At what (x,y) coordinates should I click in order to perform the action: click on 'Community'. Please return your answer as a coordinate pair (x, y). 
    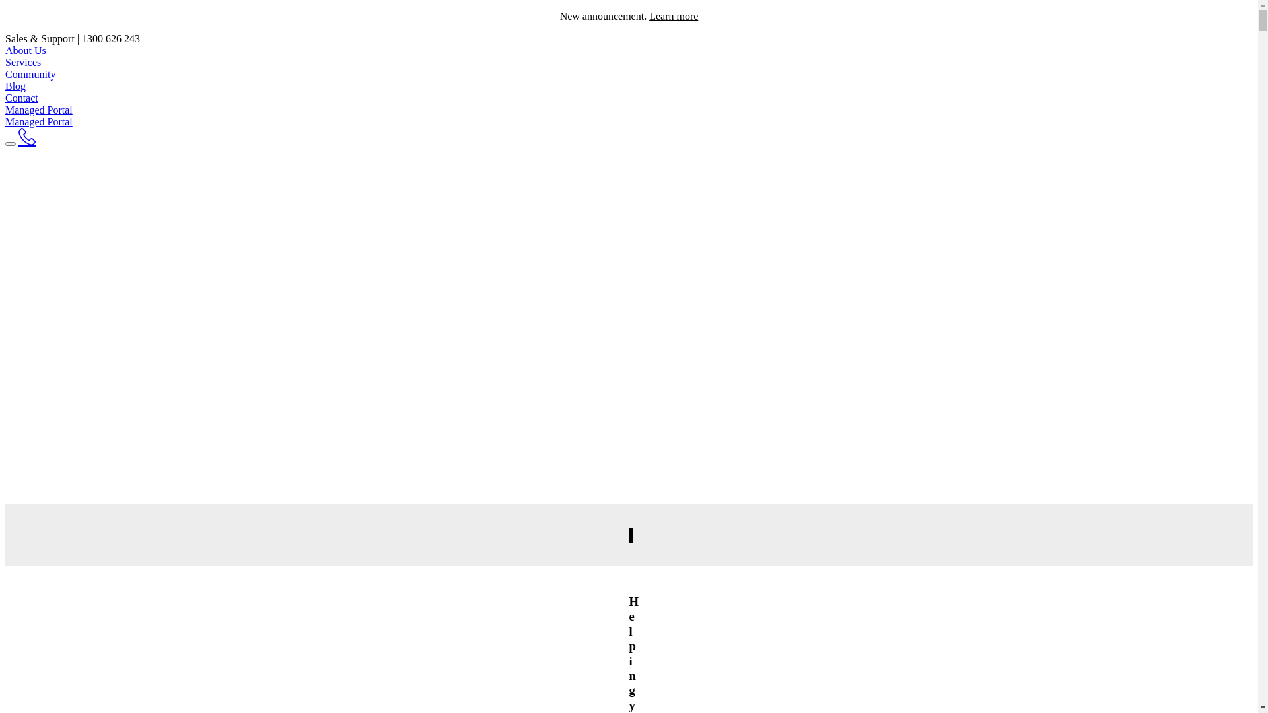
    Looking at the image, I should click on (30, 74).